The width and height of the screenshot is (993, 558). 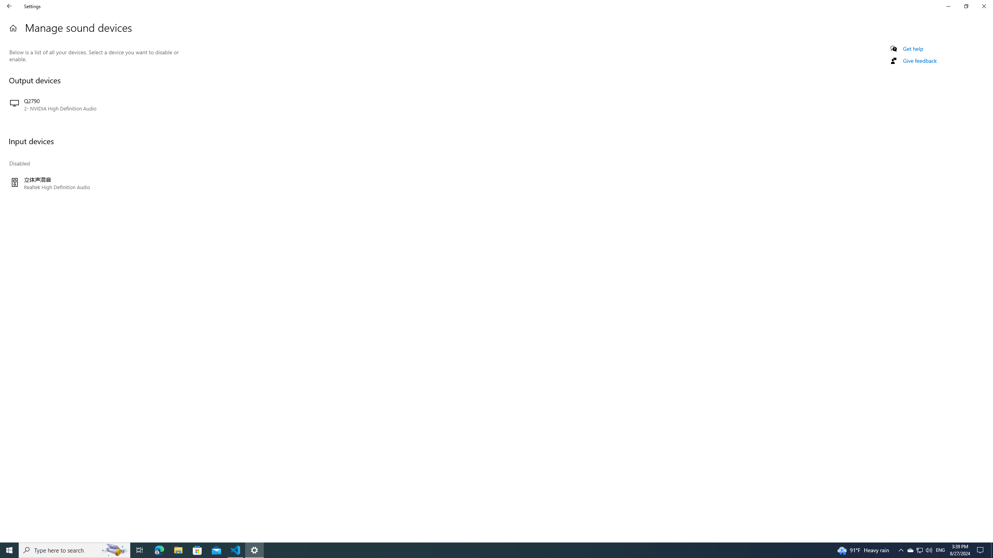 What do you see at coordinates (901, 549) in the screenshot?
I see `'Notification Chevron'` at bounding box center [901, 549].